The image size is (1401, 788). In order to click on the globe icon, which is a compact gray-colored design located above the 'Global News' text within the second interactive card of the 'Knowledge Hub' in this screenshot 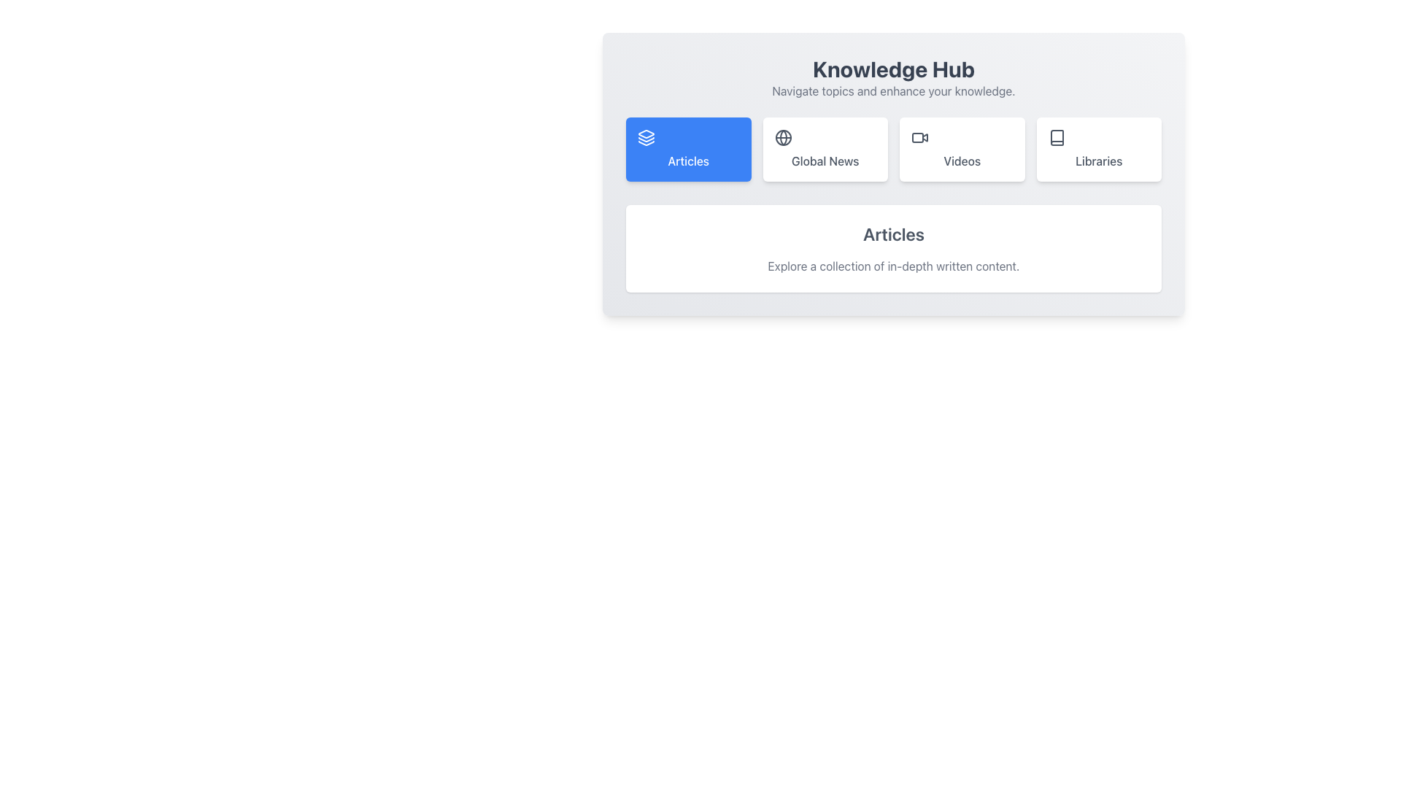, I will do `click(782, 138)`.